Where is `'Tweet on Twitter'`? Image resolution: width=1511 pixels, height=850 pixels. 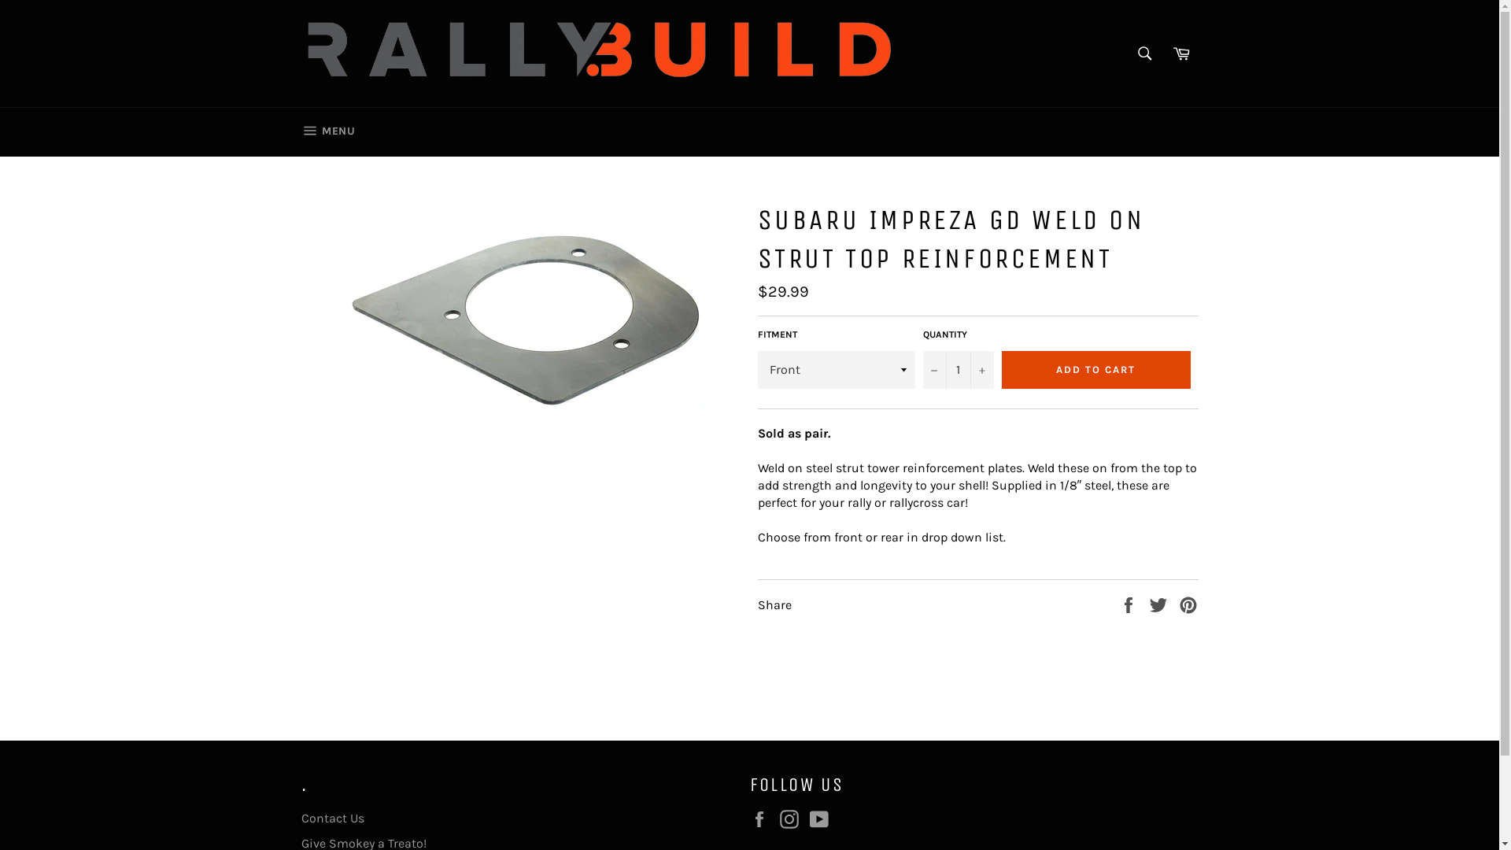
'Tweet on Twitter' is located at coordinates (1159, 603).